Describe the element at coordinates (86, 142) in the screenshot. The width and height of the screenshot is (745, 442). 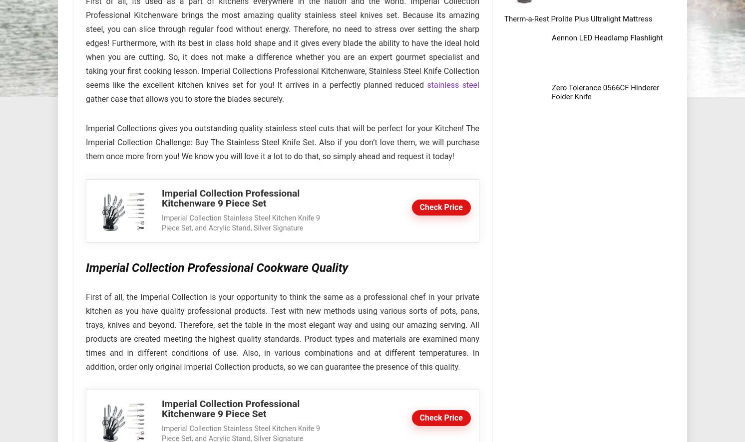
I see `'Imperial Collections gives you outstanding quality stainless steel cuts that will be perfect for your Kitchen! The Imperial Collection Challenge: Buy The Stainless Steel Knife Set. Also if you don’t love them, we will purchase them once more from you! We know you will love it a lot to do that, so simply ahead and request it today!'` at that location.